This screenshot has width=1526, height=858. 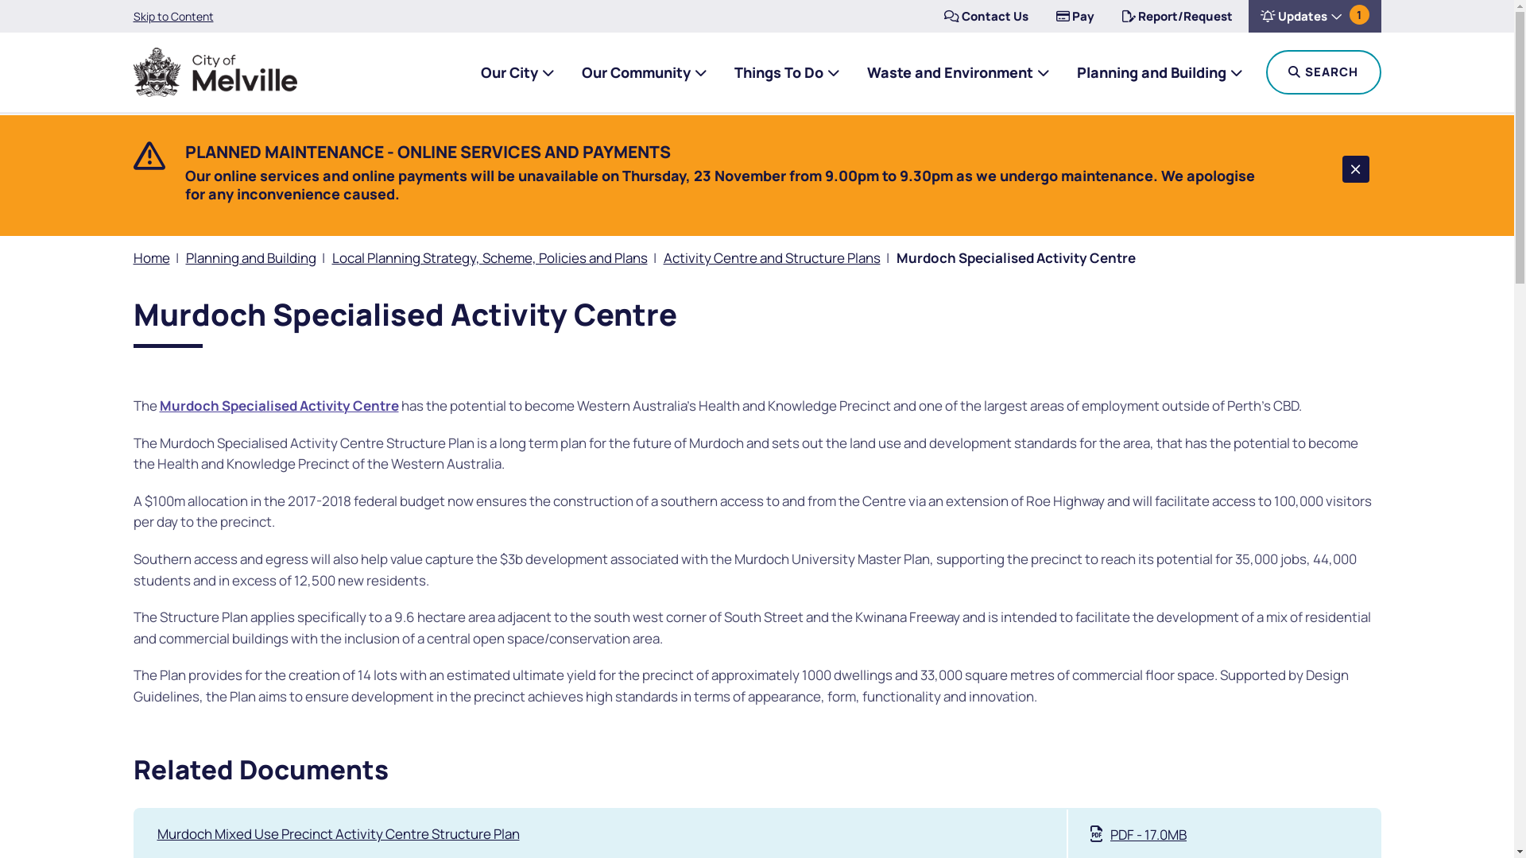 What do you see at coordinates (278, 404) in the screenshot?
I see `'Murdoch Specialised Activity Centre'` at bounding box center [278, 404].